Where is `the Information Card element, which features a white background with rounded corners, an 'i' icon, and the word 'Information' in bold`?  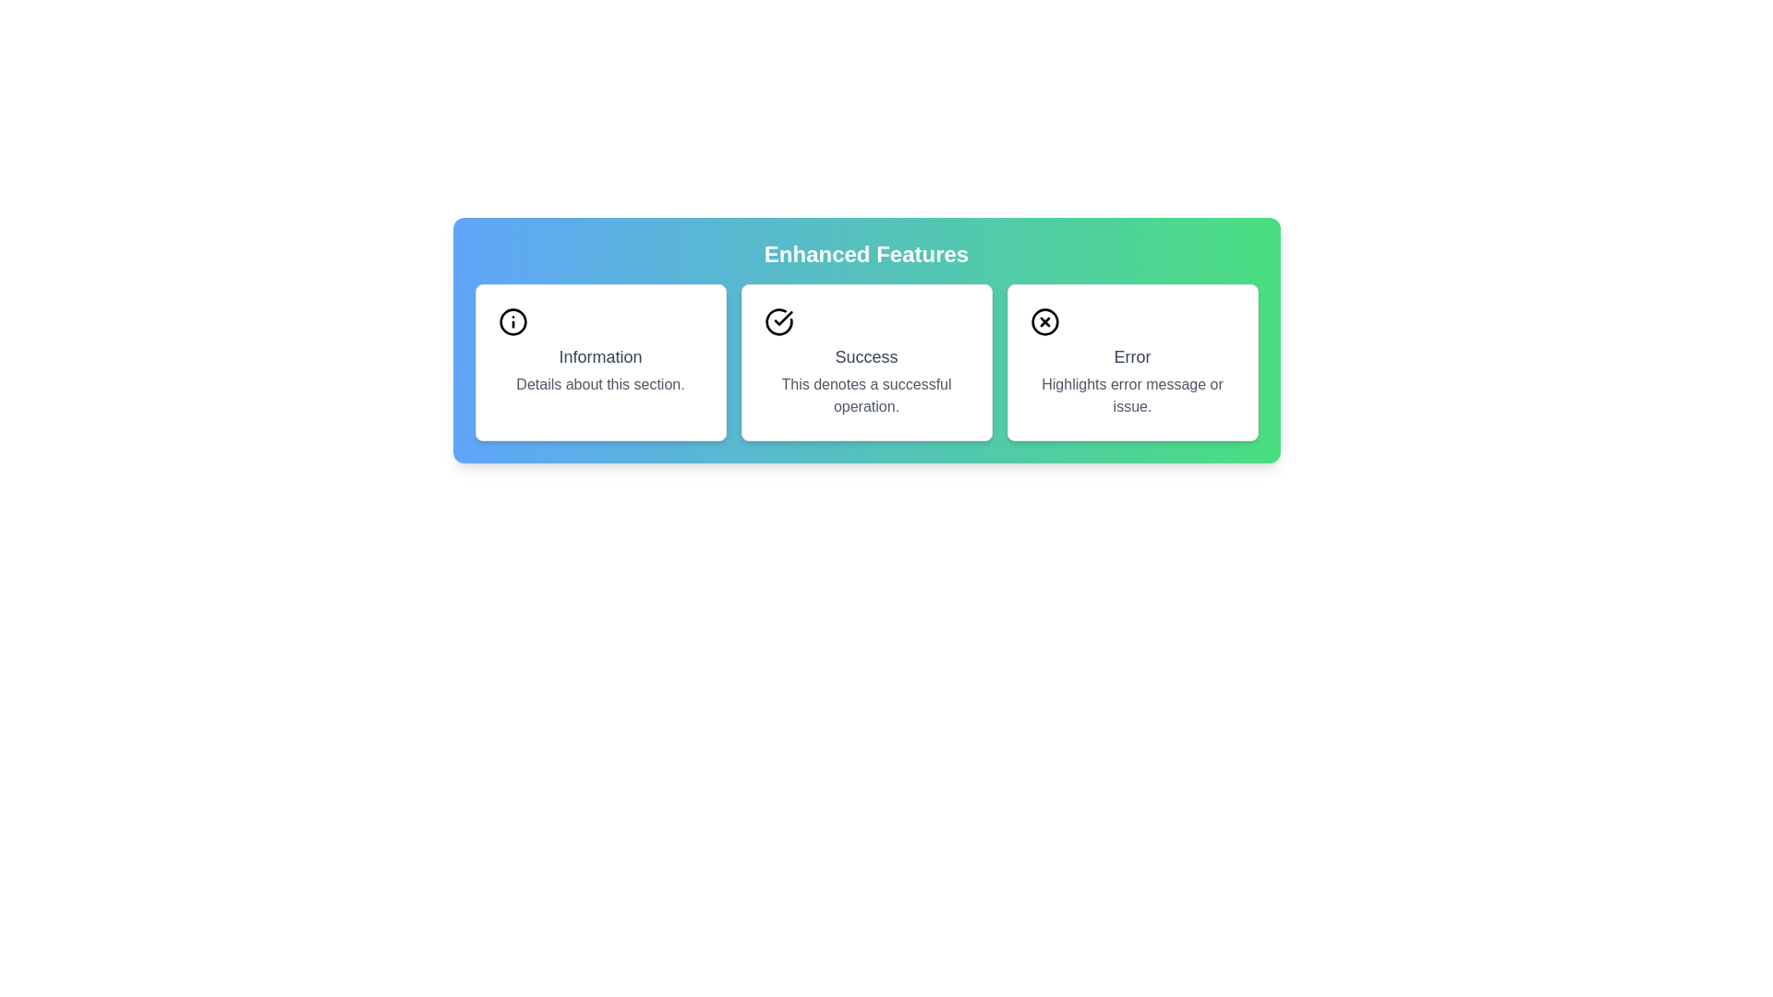 the Information Card element, which features a white background with rounded corners, an 'i' icon, and the word 'Information' in bold is located at coordinates (600, 363).